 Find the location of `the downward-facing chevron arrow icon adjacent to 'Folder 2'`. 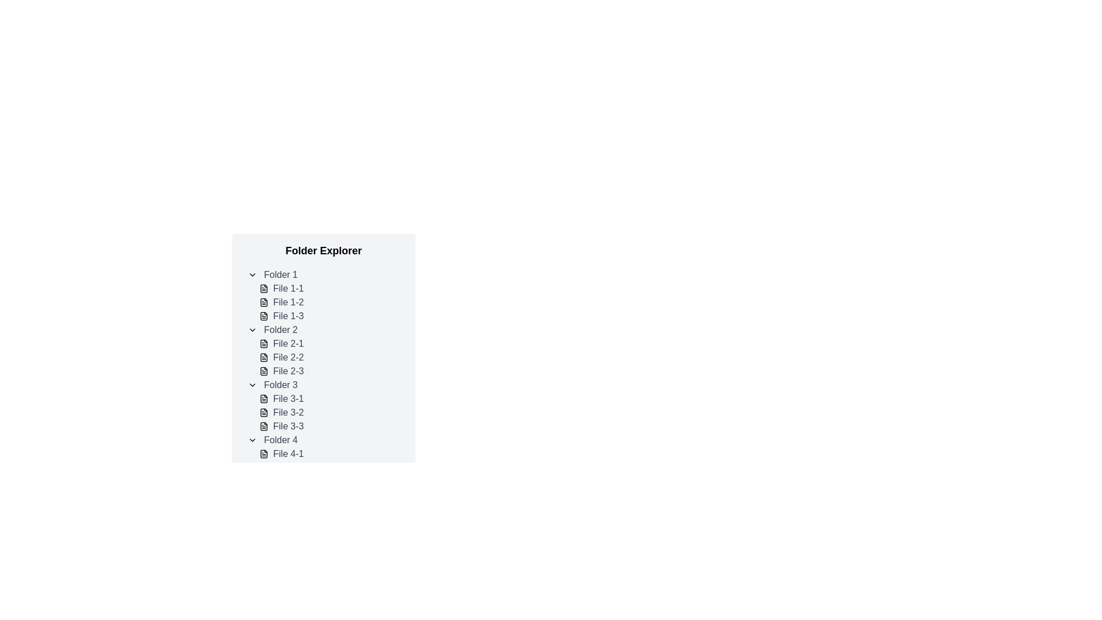

the downward-facing chevron arrow icon adjacent to 'Folder 2' is located at coordinates (252, 330).